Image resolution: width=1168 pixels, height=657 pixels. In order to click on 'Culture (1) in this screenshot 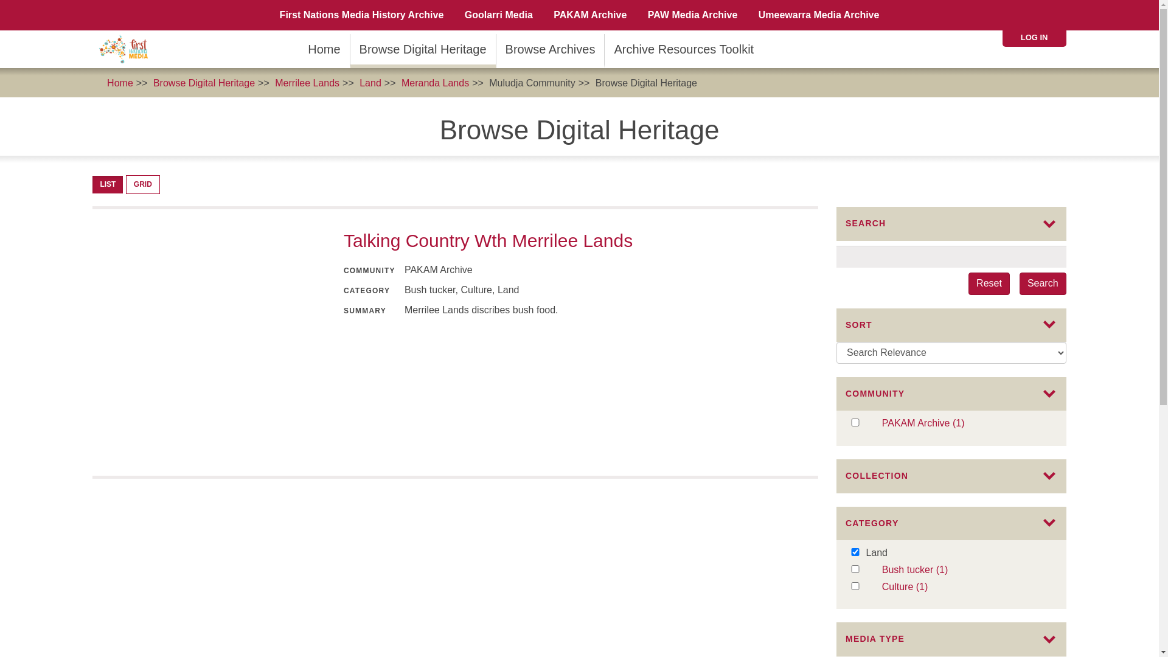, I will do `click(965, 586)`.